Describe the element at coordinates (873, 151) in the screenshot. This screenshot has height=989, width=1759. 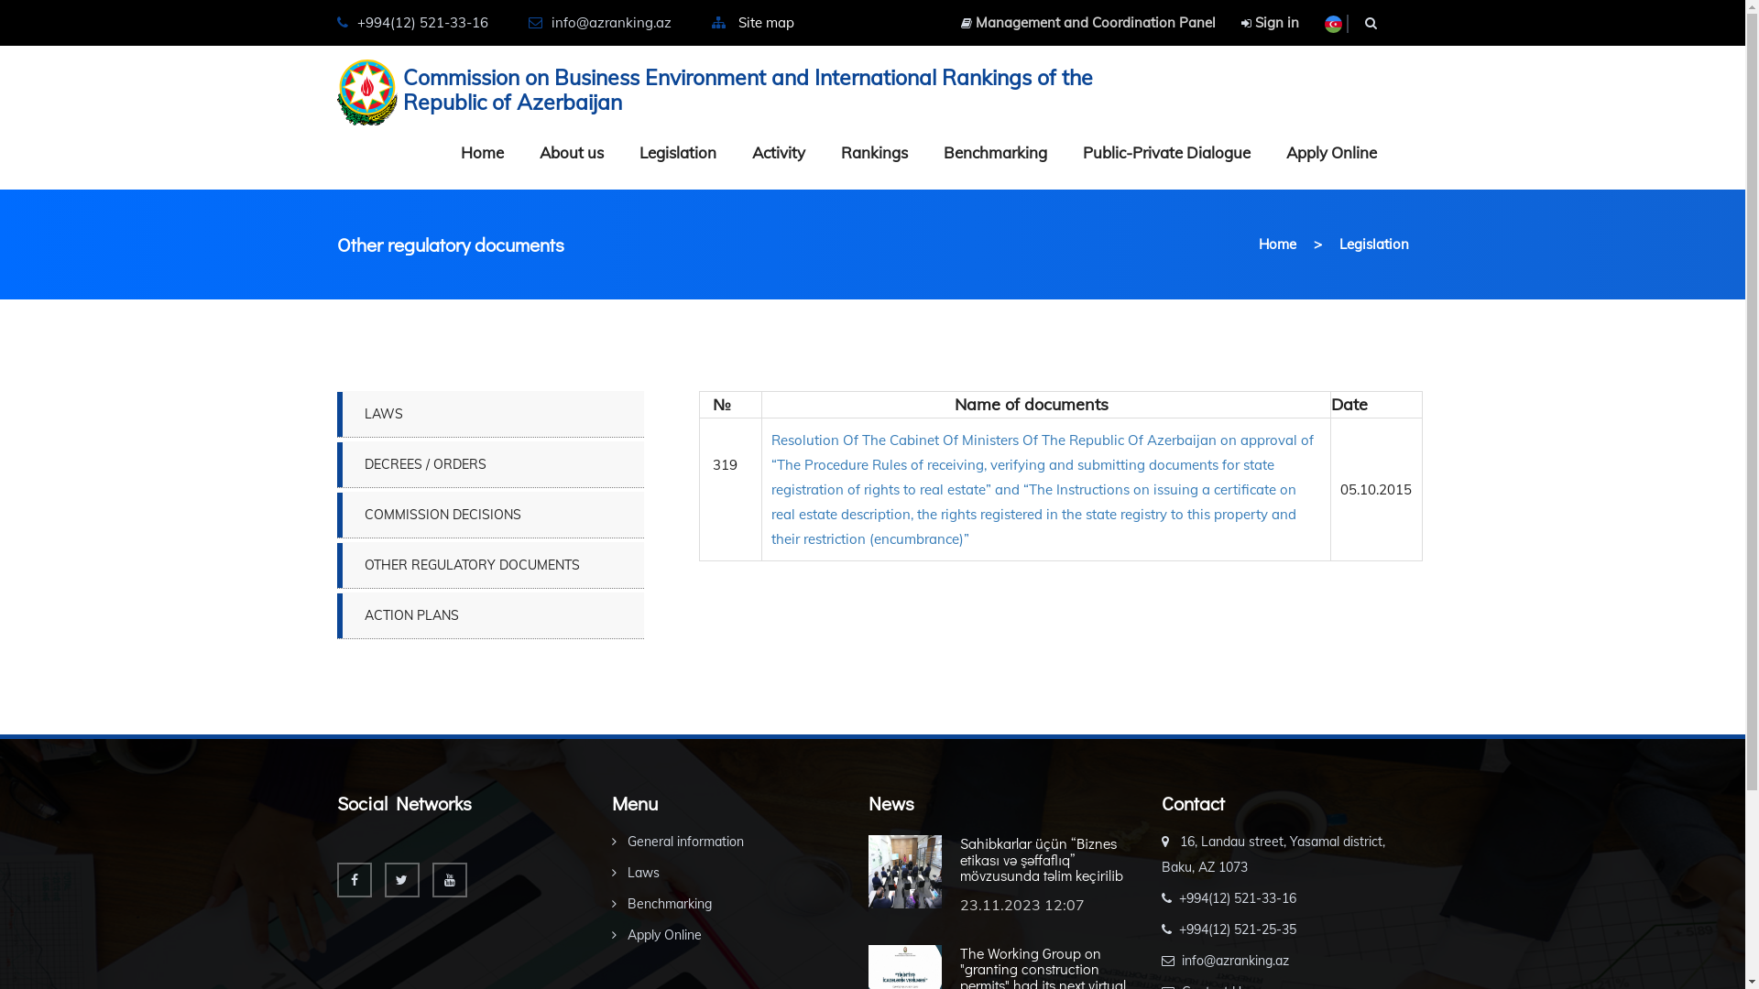
I see `'Rankings'` at that location.